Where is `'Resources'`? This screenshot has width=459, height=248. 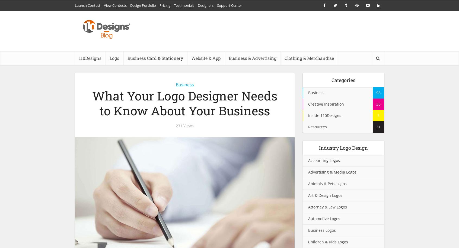 'Resources' is located at coordinates (308, 127).